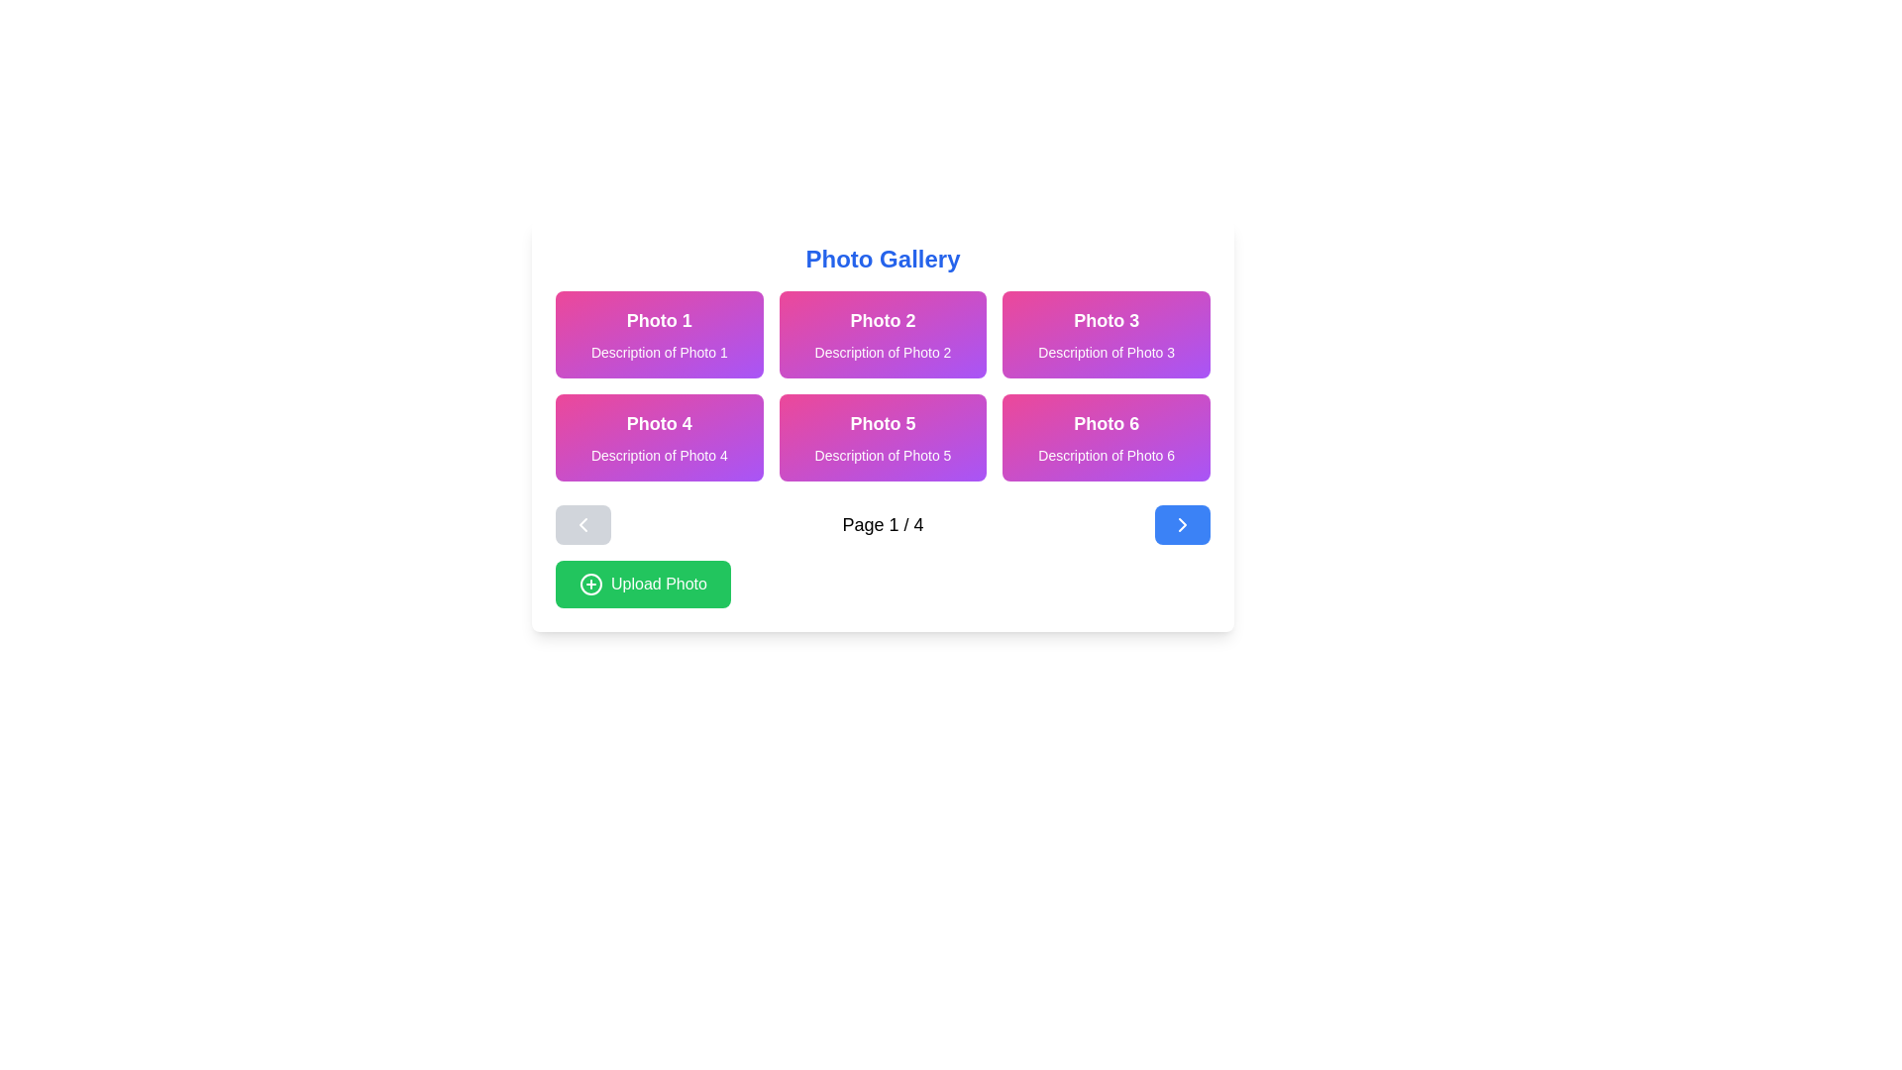 Image resolution: width=1902 pixels, height=1070 pixels. I want to click on text from the label displaying 'Description of Photo 4', which is positioned under the bold title 'Photo 4' in the bottom-left section of the gallery grid, so click(659, 455).